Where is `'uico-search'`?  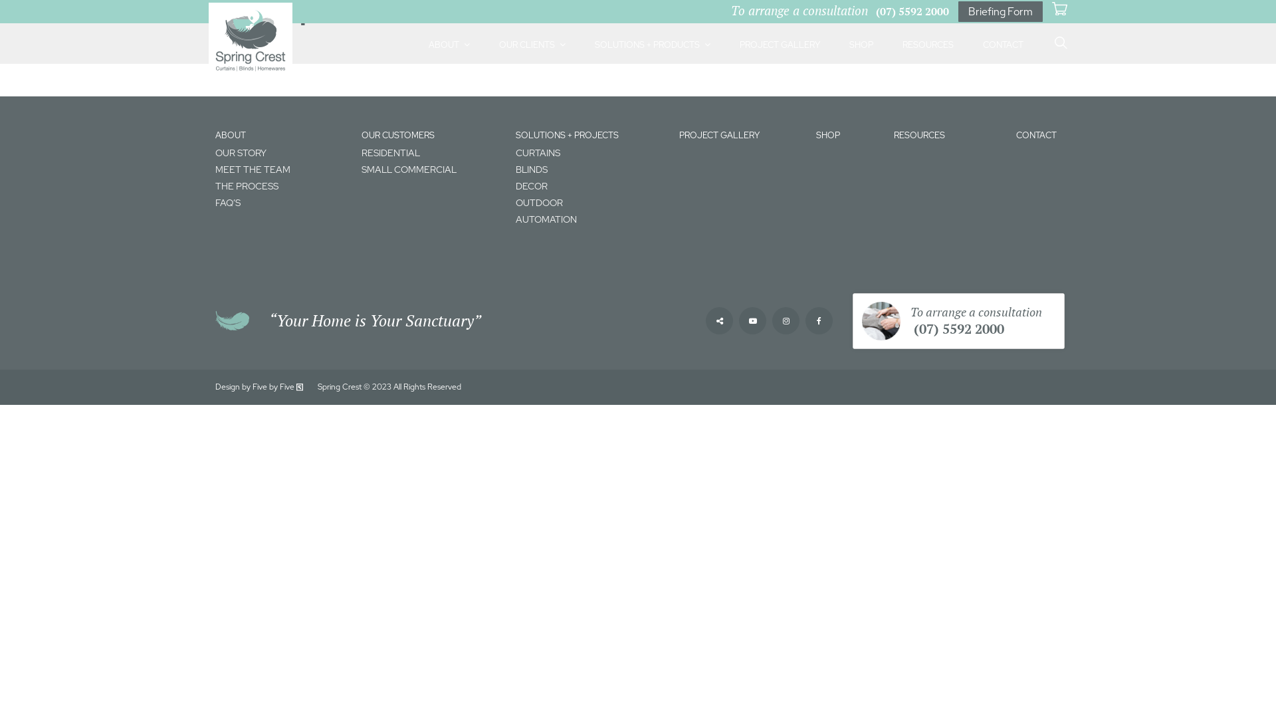
'uico-search' is located at coordinates (1058, 43).